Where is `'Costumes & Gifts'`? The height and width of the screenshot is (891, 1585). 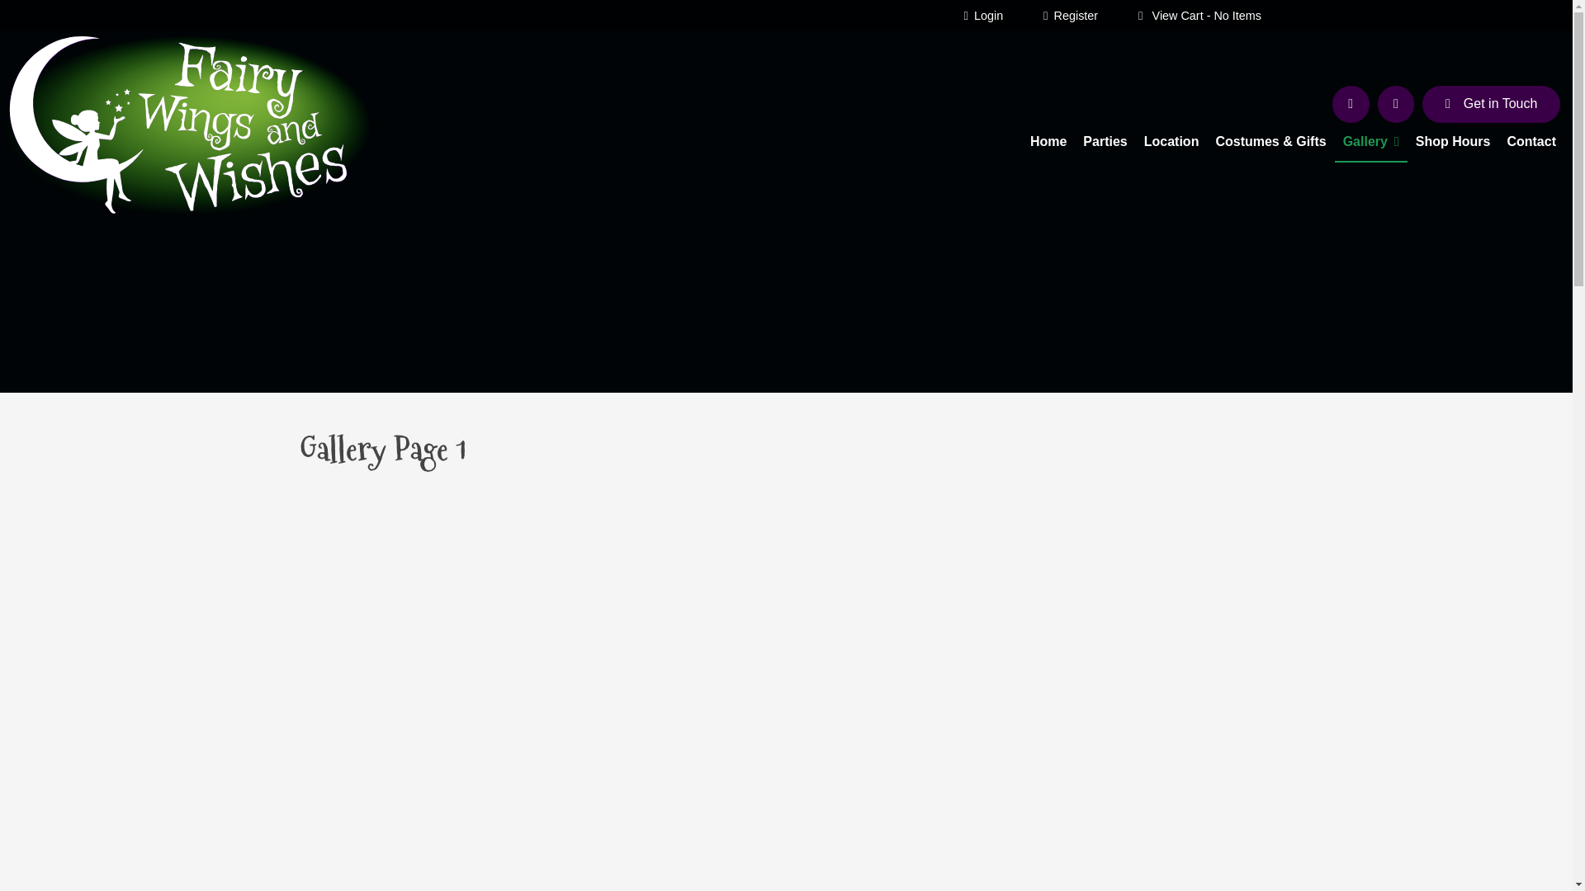
'Costumes & Gifts' is located at coordinates (1270, 142).